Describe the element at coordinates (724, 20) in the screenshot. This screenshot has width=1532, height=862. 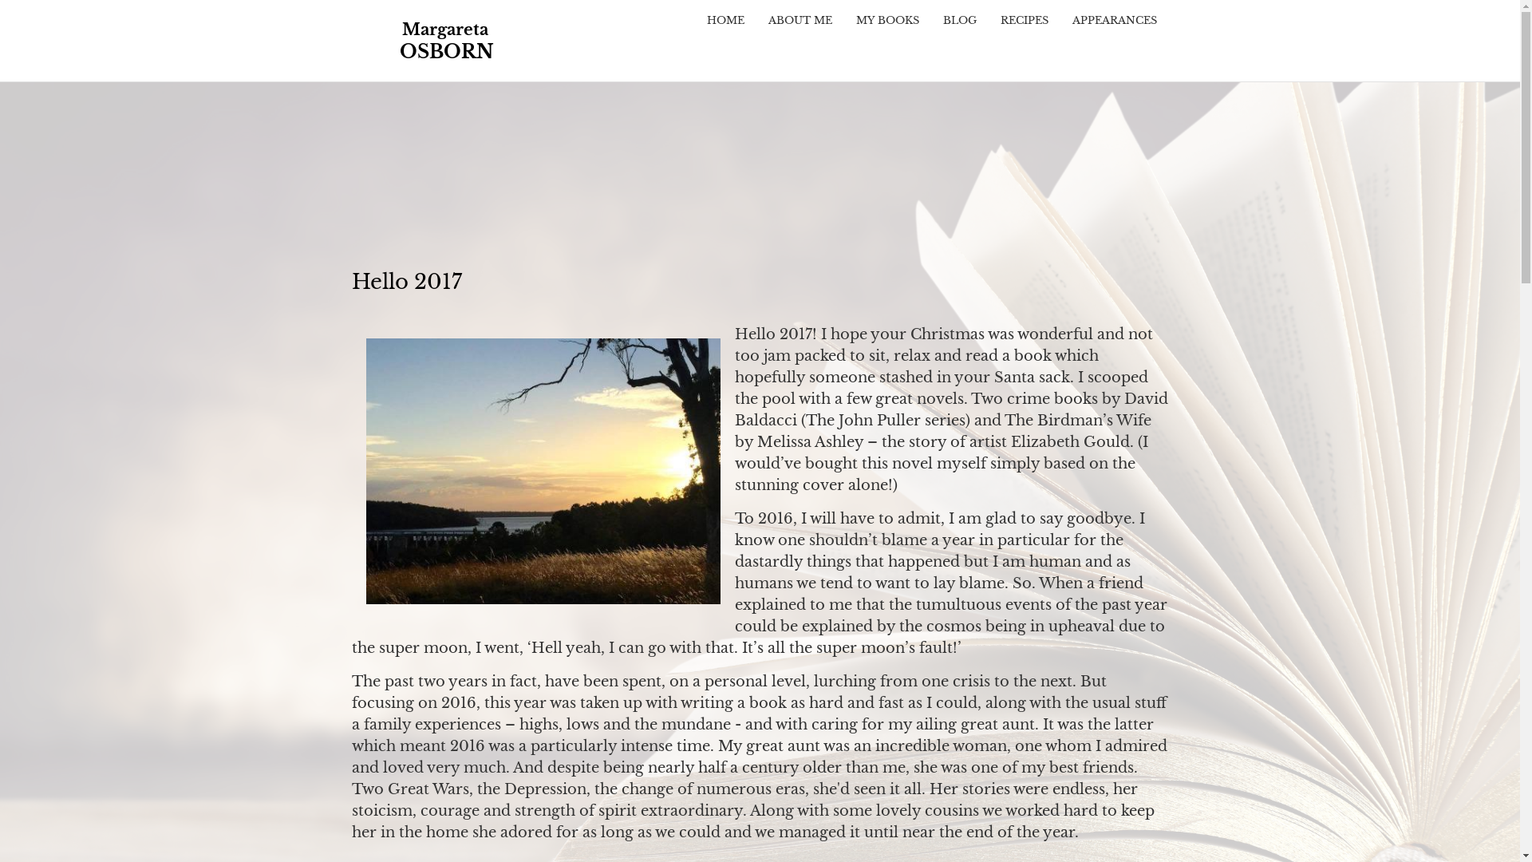
I see `'HOME'` at that location.